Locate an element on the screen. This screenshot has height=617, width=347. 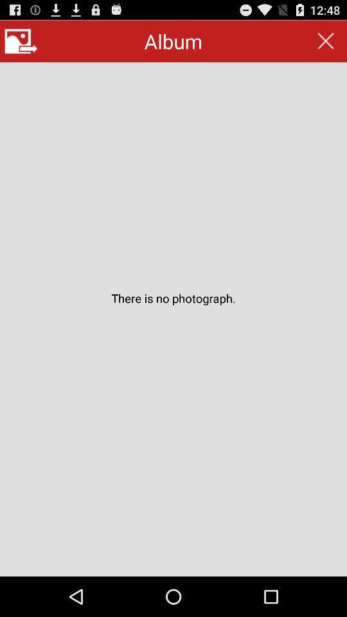
button at the top left corner is located at coordinates (20, 41).